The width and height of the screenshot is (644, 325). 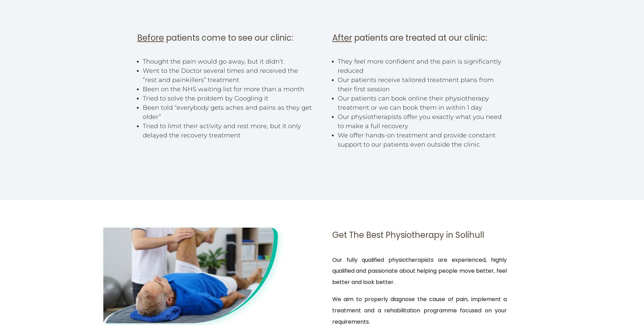 What do you see at coordinates (229, 38) in the screenshot?
I see `'patients come to see our clinic:'` at bounding box center [229, 38].